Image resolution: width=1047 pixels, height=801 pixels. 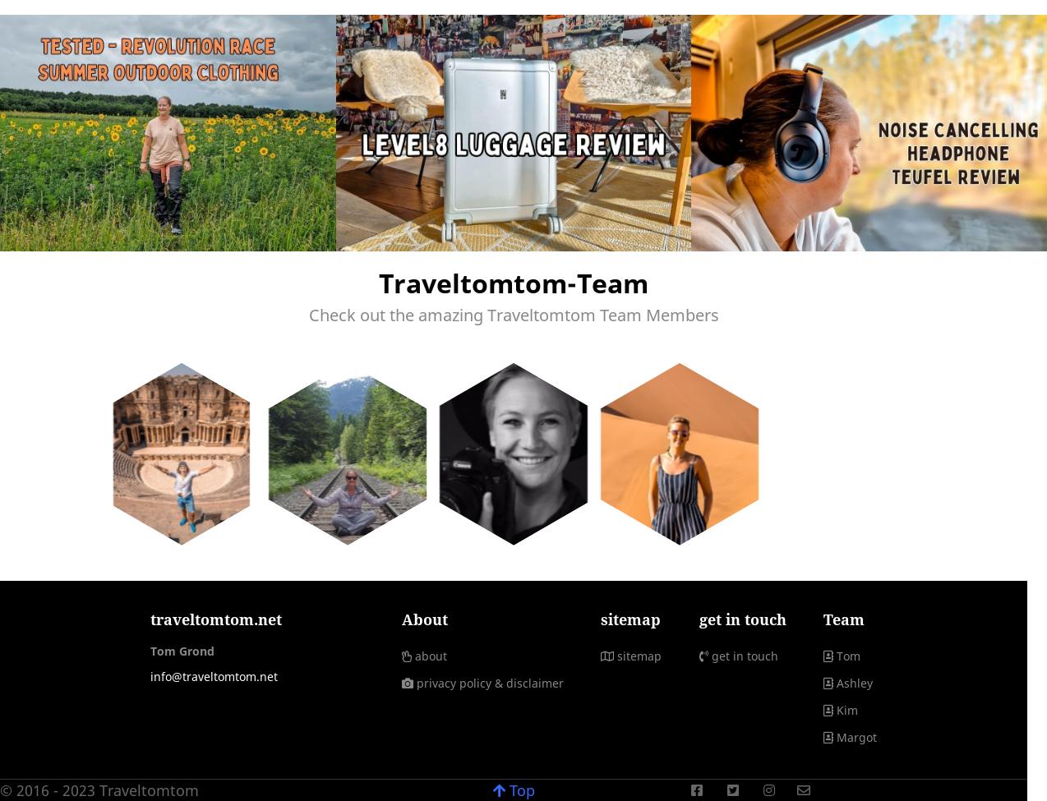 What do you see at coordinates (519, 788) in the screenshot?
I see `'Top'` at bounding box center [519, 788].